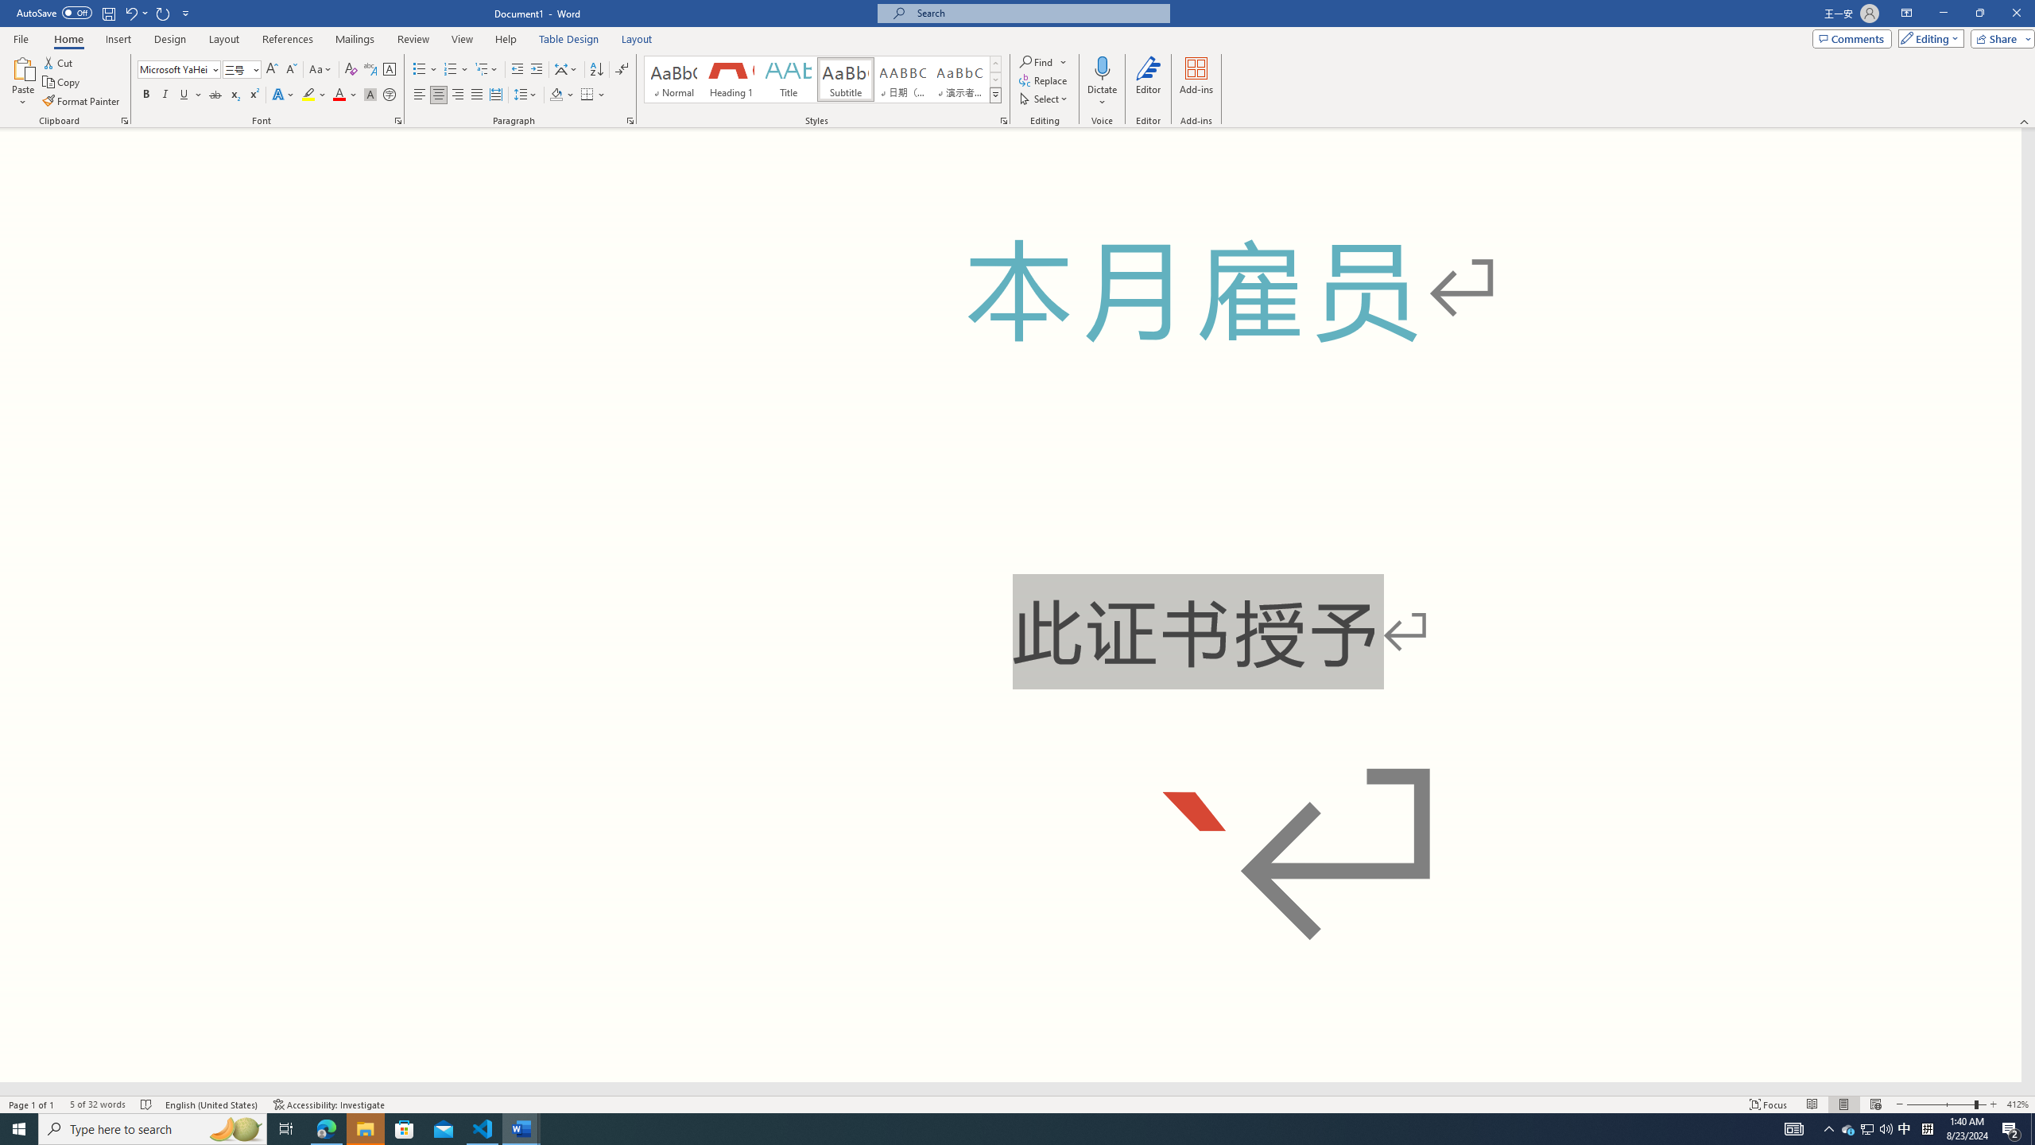 The image size is (2035, 1145). I want to click on 'Dictate', so click(1102, 82).